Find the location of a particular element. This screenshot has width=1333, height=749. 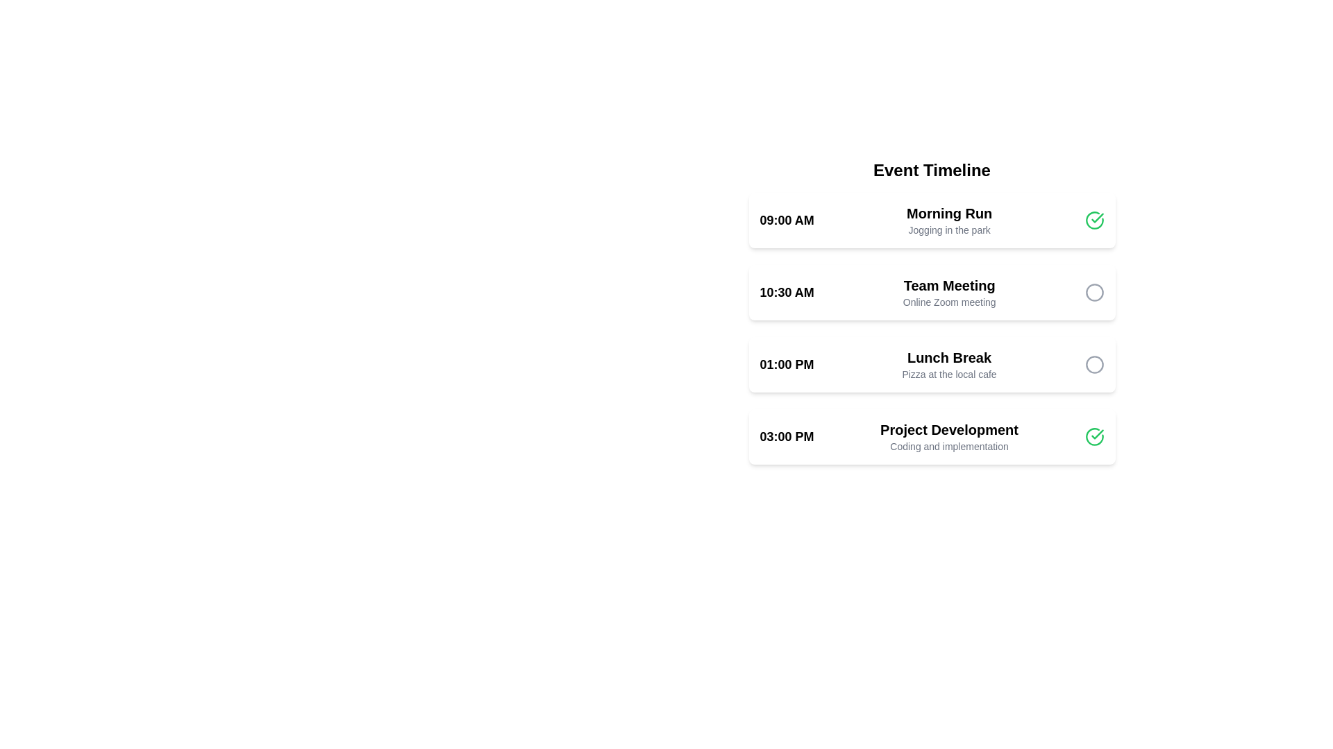

the text label summarizing the activity titled 'Project Development' located in the fourth entry of the Event Timeline list, under '03:00 PM' is located at coordinates (948, 436).